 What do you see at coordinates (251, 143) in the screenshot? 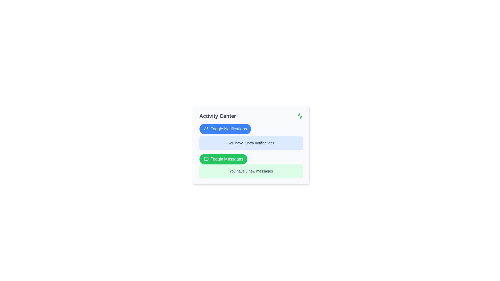
I see `the notification count label located in the Activity Center interface, positioned between the 'Toggle Notifications' and 'Toggle Messages' buttons` at bounding box center [251, 143].